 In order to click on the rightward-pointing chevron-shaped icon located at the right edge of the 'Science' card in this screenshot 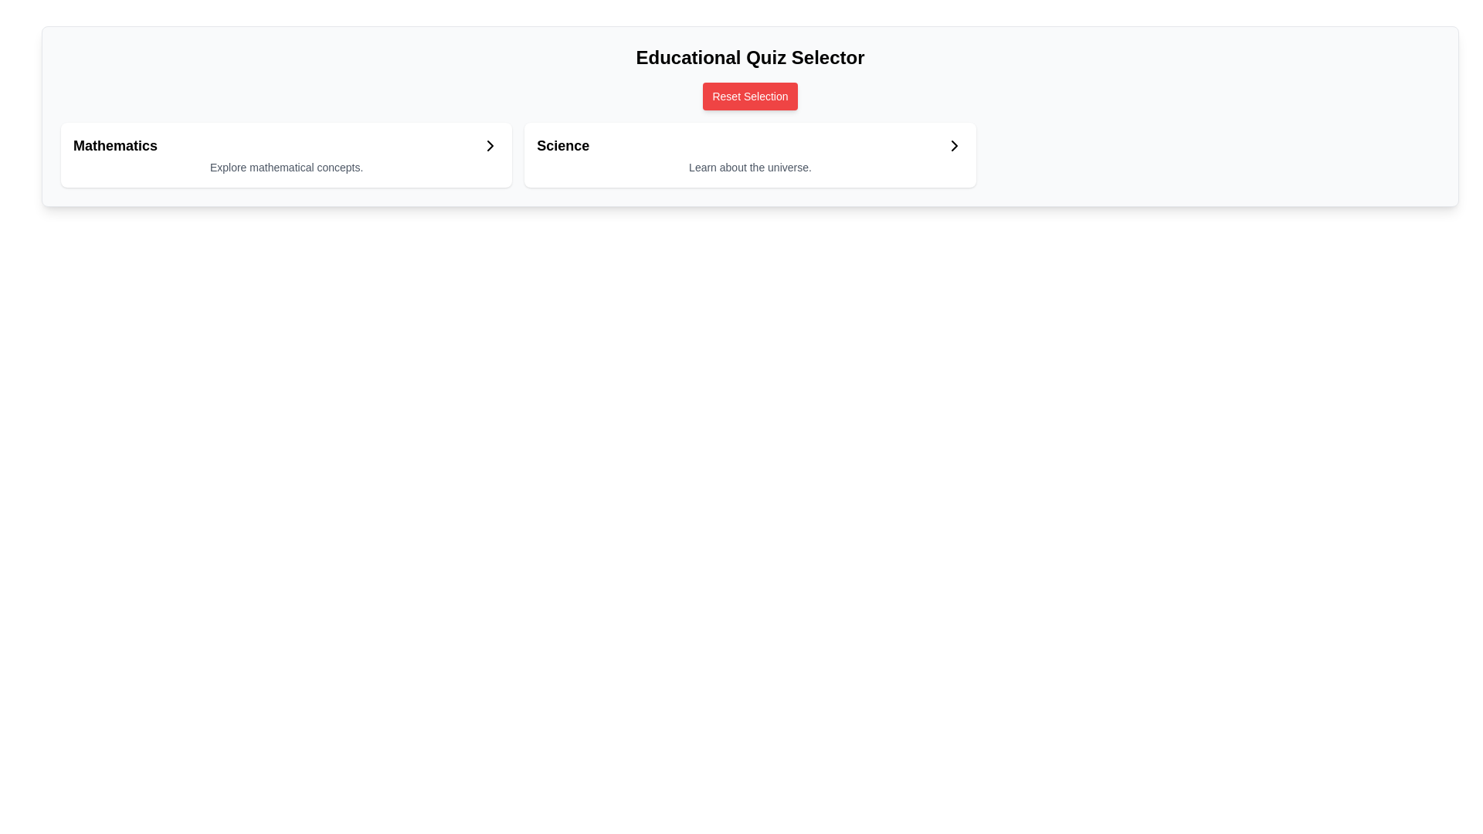, I will do `click(953, 146)`.